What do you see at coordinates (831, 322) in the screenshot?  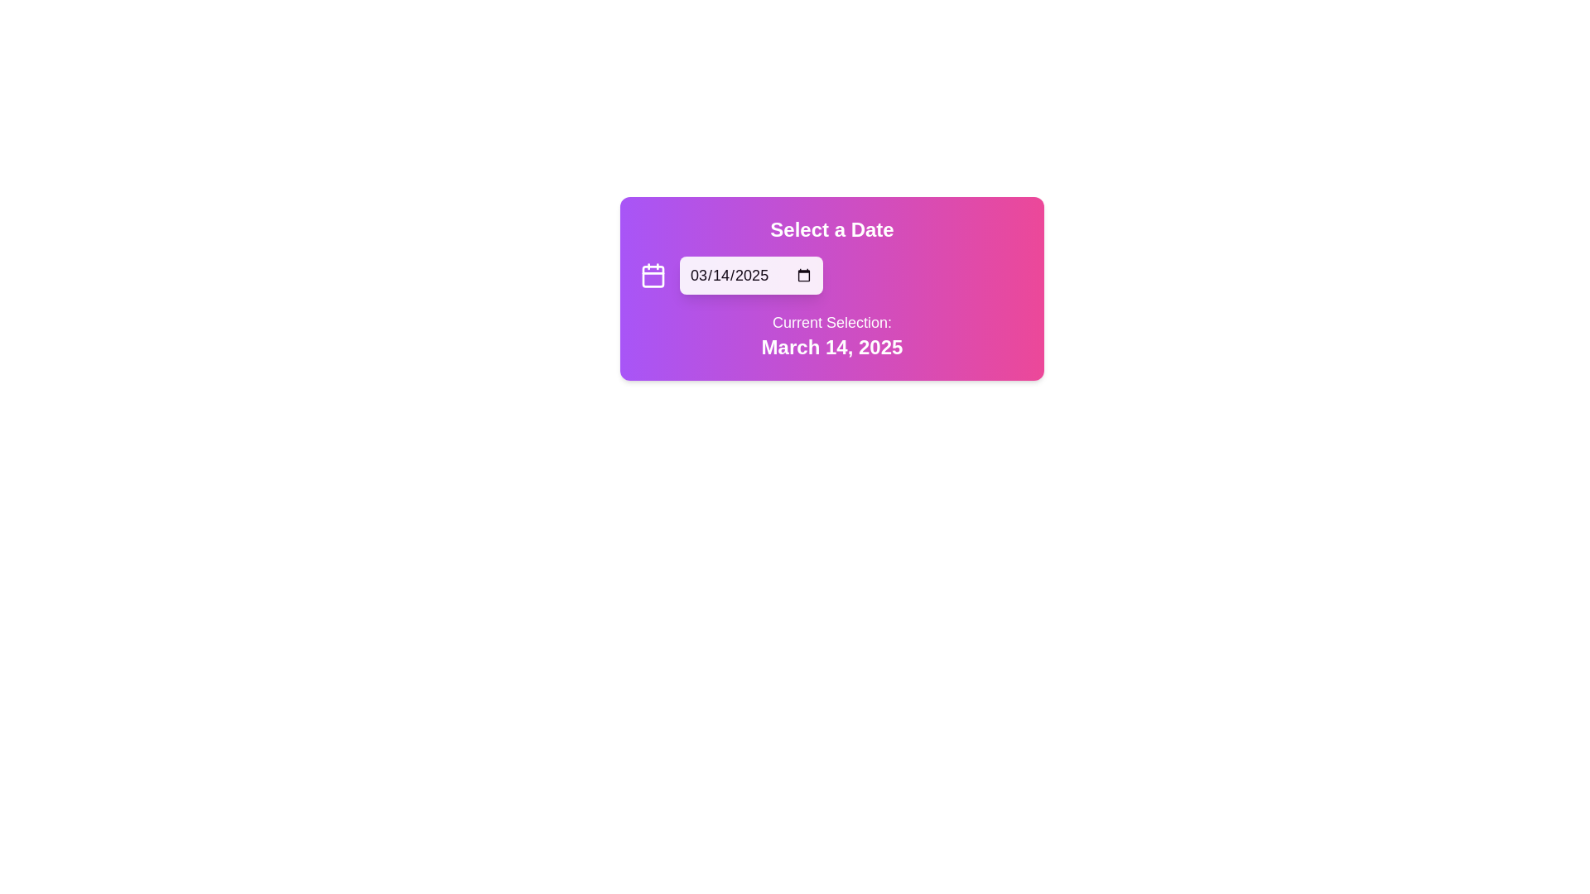 I see `the static text label that provides context for the selected date, located directly above the date display for March 14, 2025` at bounding box center [831, 322].